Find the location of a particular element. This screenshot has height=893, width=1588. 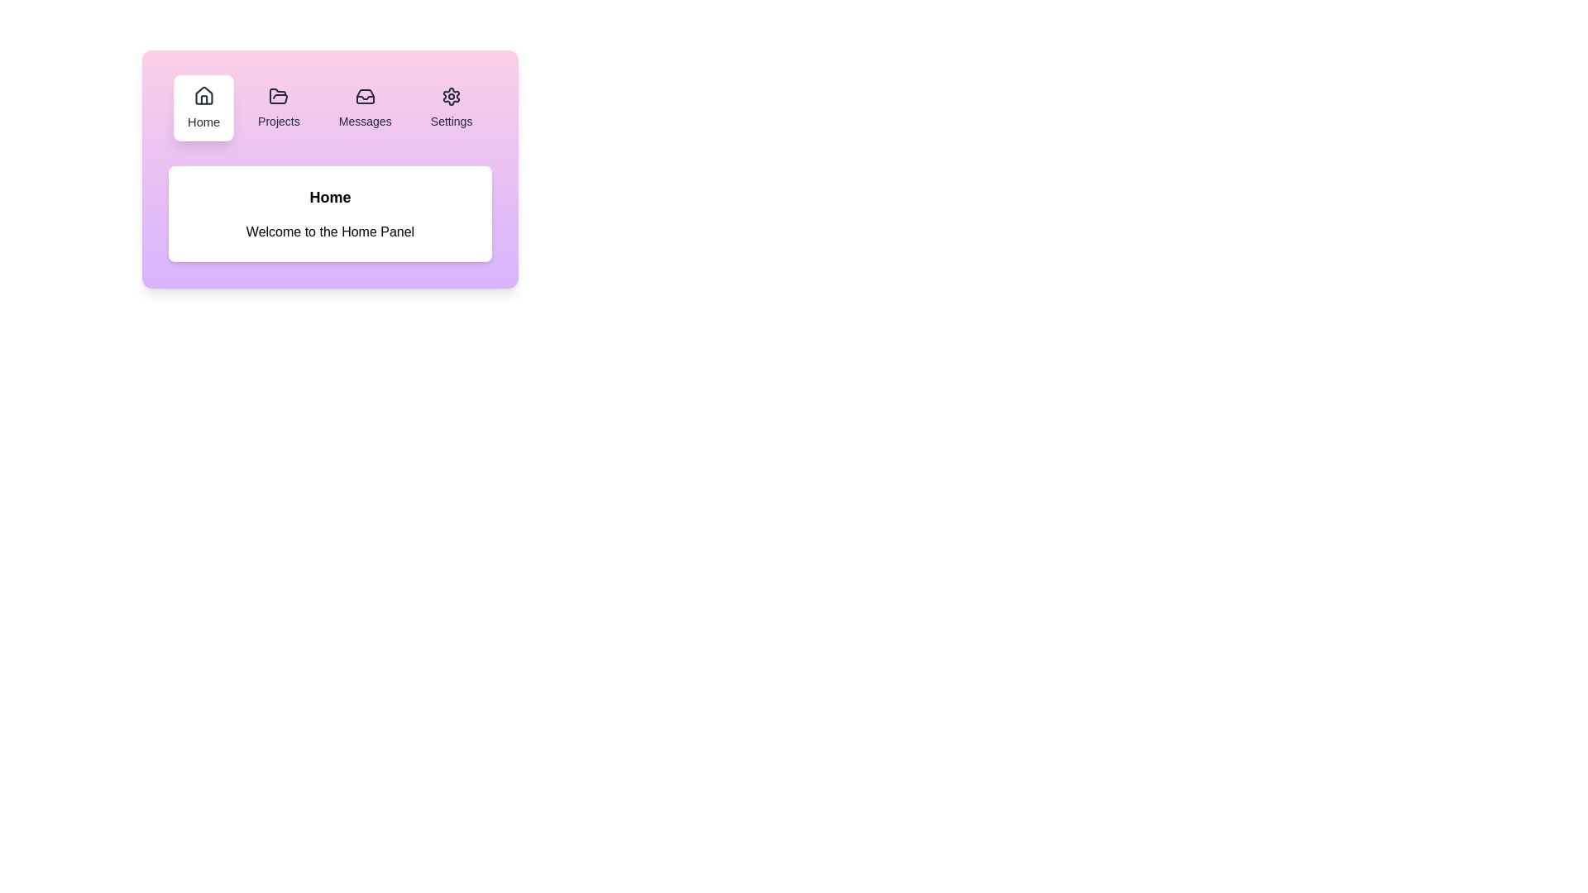

the 'Projects' icon in the navigation bar, which is positioned between the 'Home' icon and the 'Messages' icon is located at coordinates (279, 96).